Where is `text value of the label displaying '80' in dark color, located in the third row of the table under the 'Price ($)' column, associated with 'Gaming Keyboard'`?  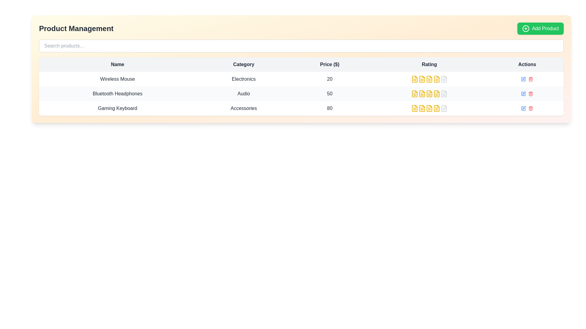 text value of the label displaying '80' in dark color, located in the third row of the table under the 'Price ($)' column, associated with 'Gaming Keyboard' is located at coordinates (329, 108).